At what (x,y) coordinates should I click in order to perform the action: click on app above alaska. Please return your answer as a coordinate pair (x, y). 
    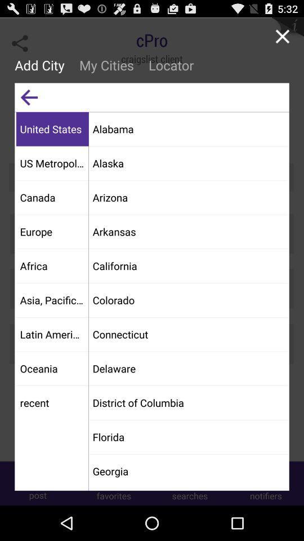
    Looking at the image, I should click on (188, 128).